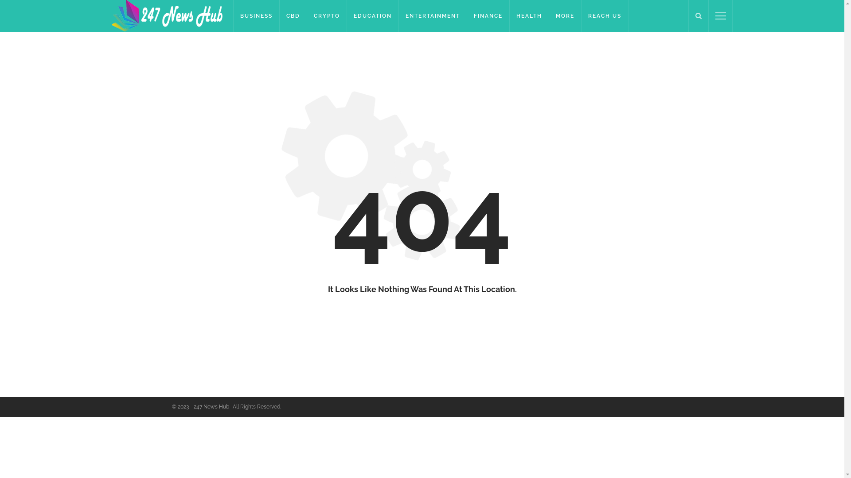  What do you see at coordinates (488, 15) in the screenshot?
I see `'FINANCE'` at bounding box center [488, 15].